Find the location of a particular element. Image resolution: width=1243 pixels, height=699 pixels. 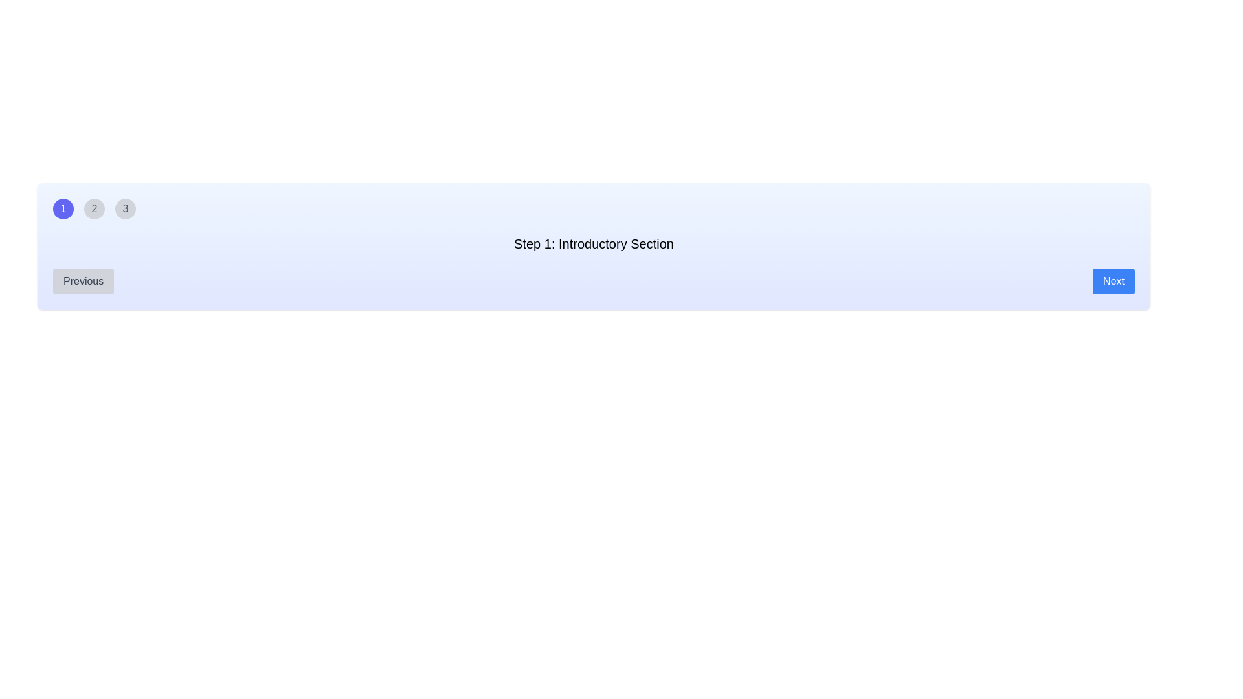

the circular button with a gray background and dark gray text displaying the number '3' is located at coordinates (125, 208).